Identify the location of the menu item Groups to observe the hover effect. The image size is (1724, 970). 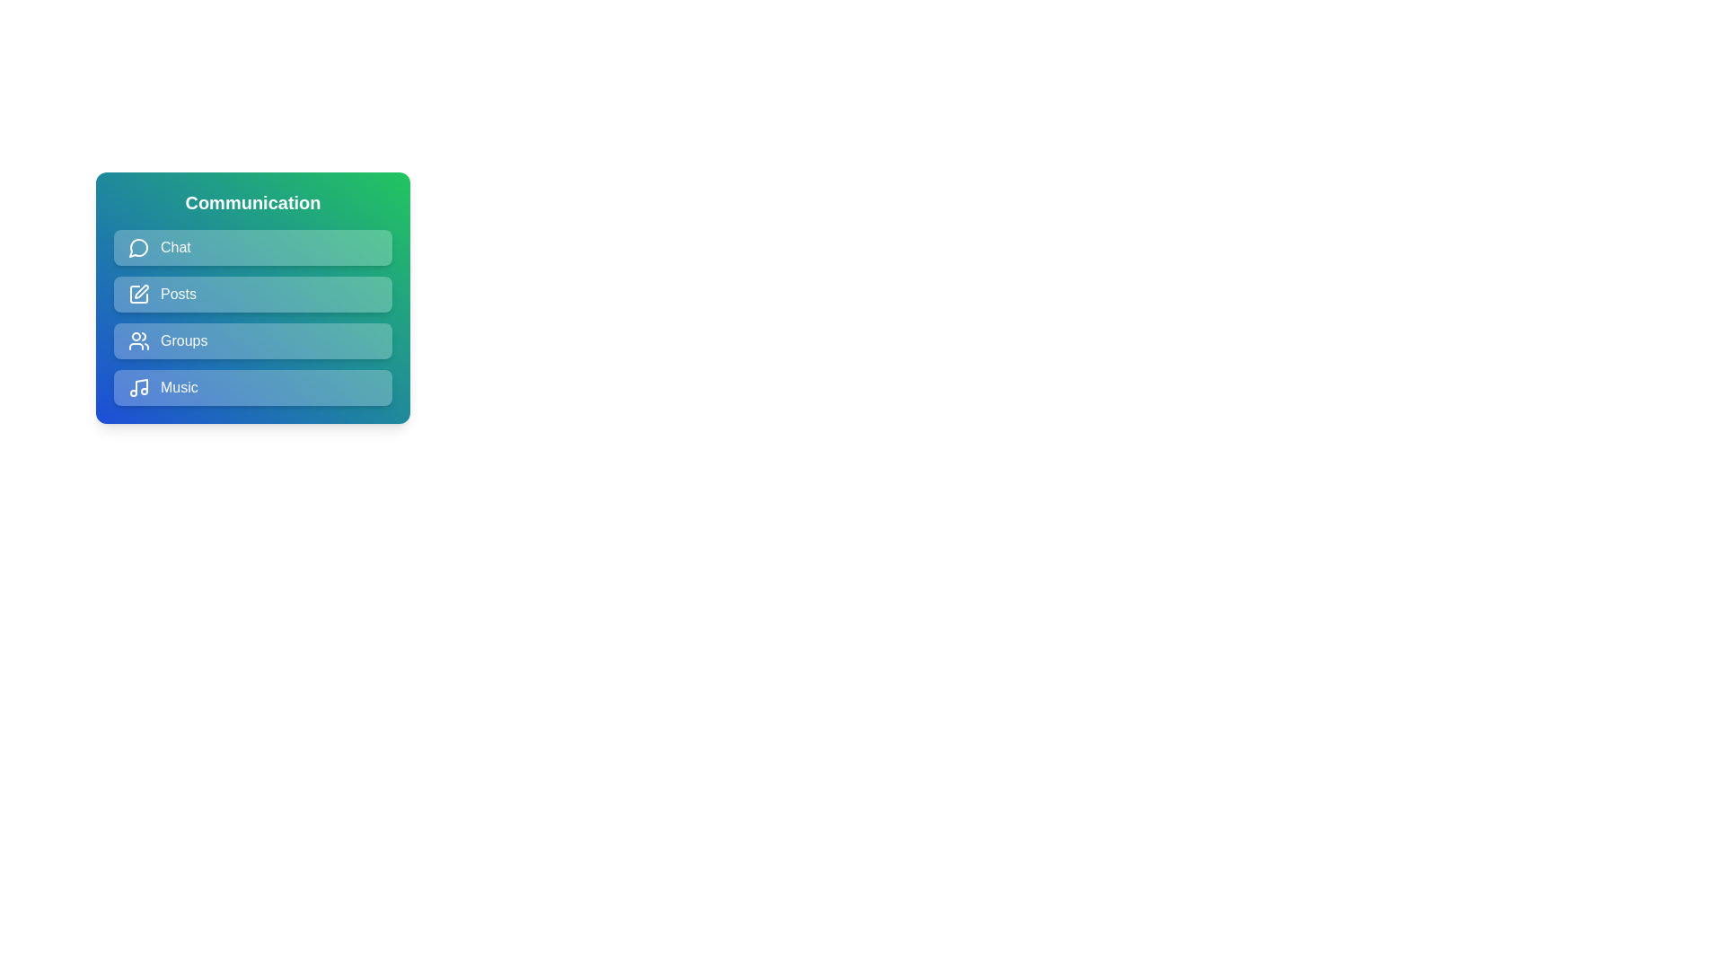
(252, 341).